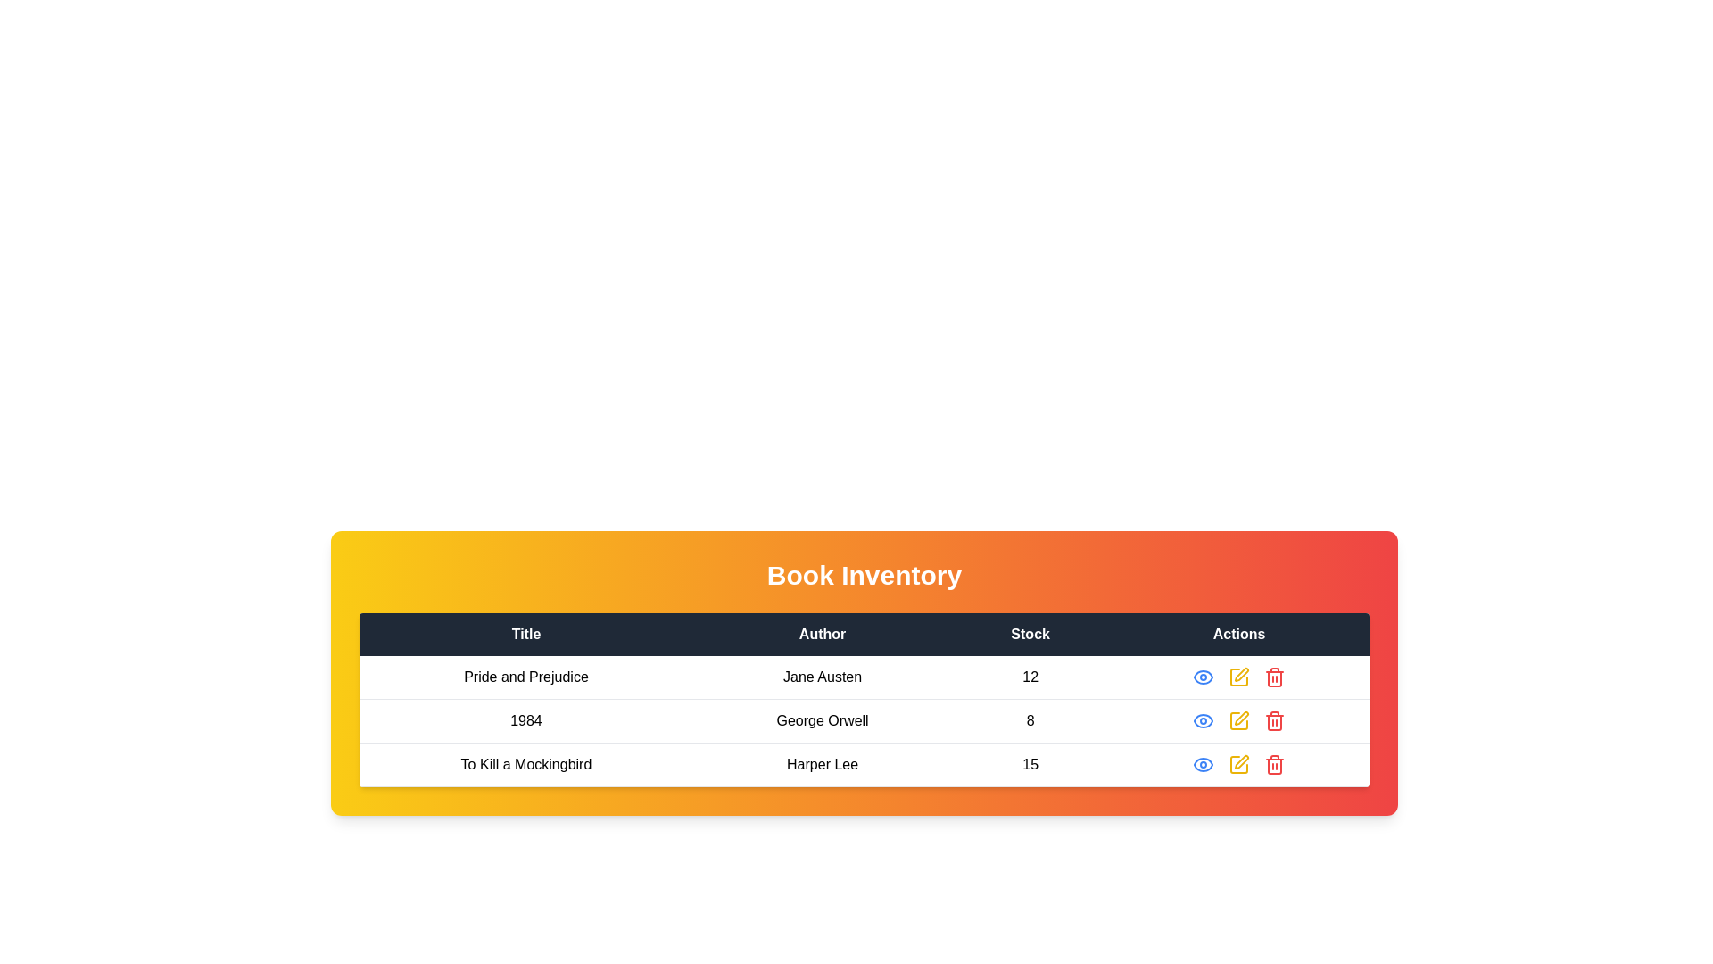 The image size is (1713, 964). I want to click on the yellow pencil icon in the Action group for the book 'To Kill a Mockingbird', so click(1237, 763).